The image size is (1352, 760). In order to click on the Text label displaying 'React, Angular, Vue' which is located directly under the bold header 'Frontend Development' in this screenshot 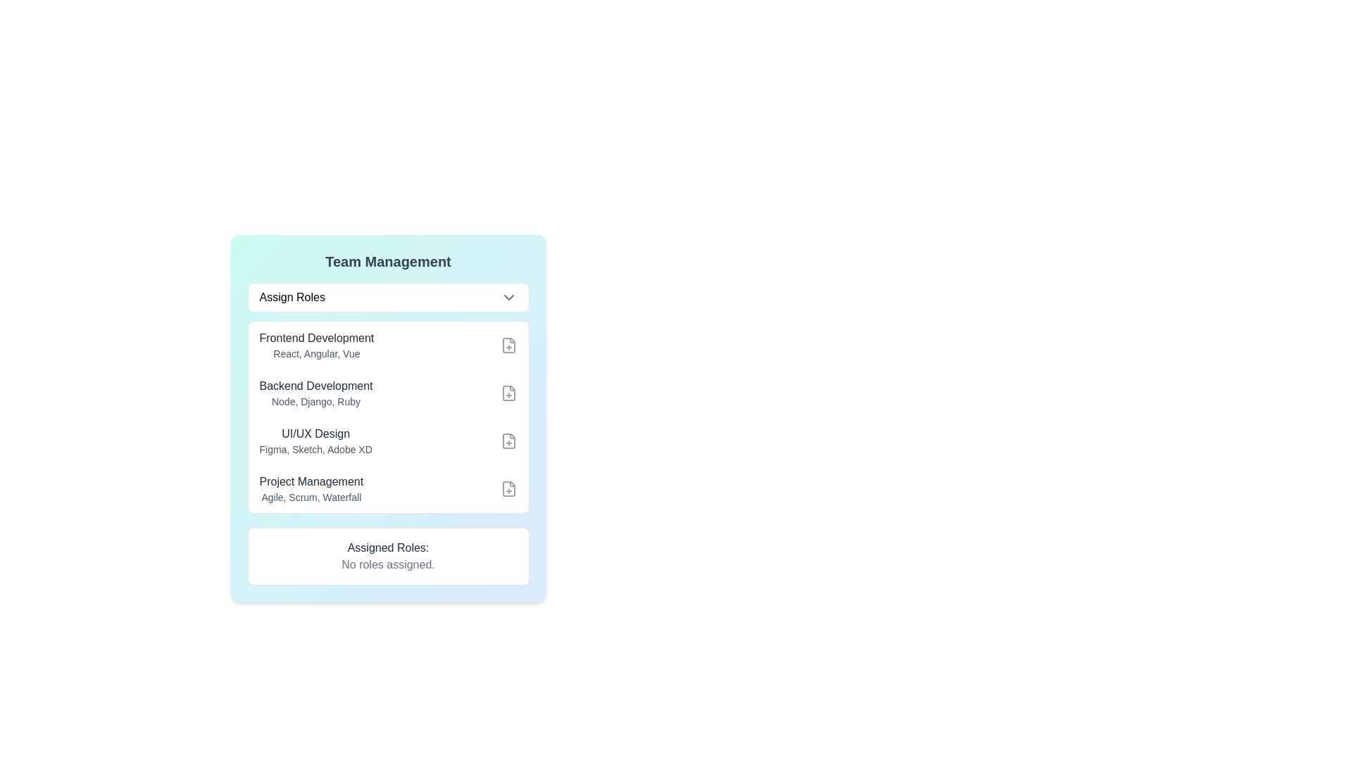, I will do `click(315, 353)`.